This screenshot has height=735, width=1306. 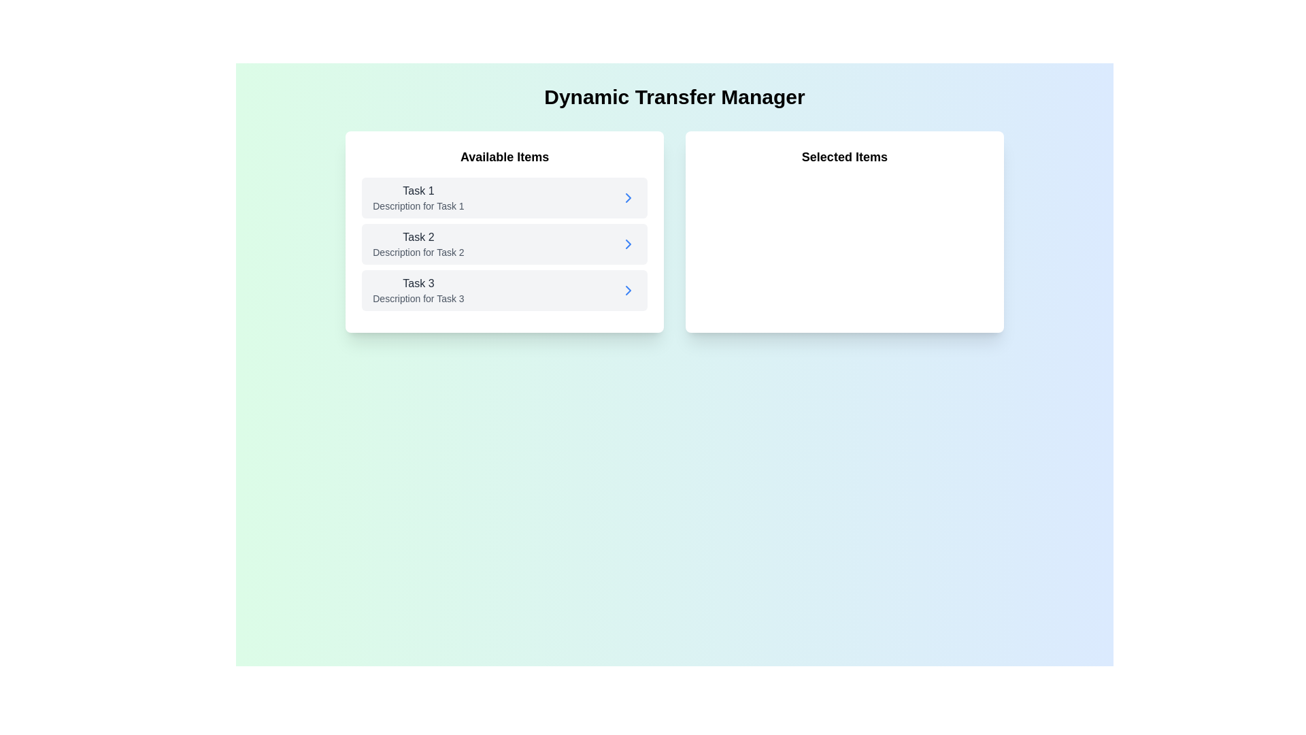 What do you see at coordinates (418, 206) in the screenshot?
I see `the text label 'Description for Task 1' located below the bold label 'Task 1' in the 'Available Items' section` at bounding box center [418, 206].